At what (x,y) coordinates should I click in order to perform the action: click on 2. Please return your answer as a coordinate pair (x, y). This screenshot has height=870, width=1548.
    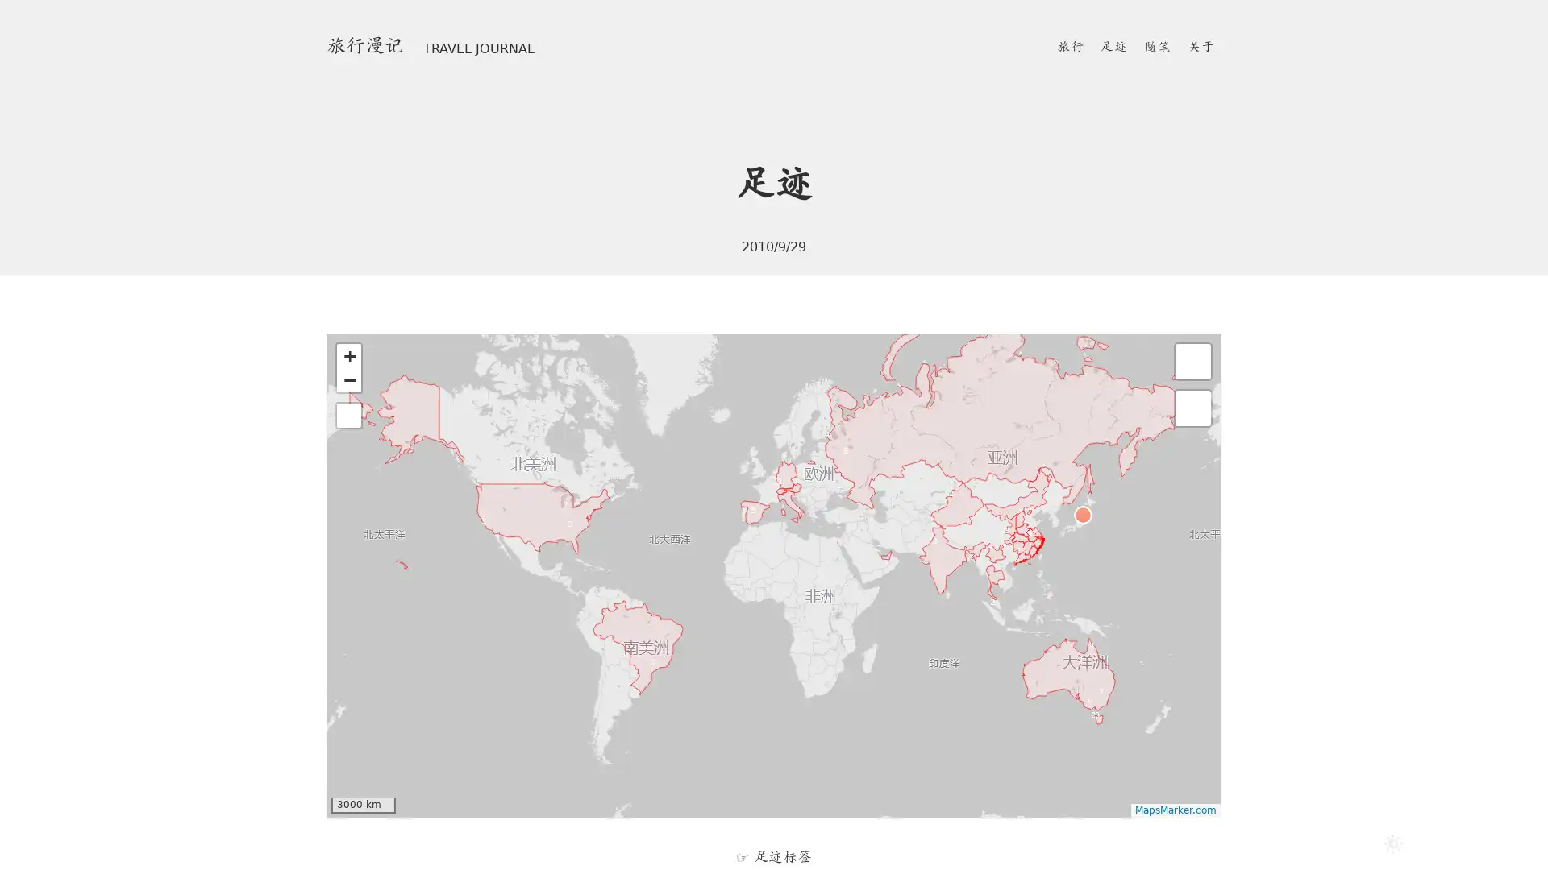
    Looking at the image, I should click on (997, 607).